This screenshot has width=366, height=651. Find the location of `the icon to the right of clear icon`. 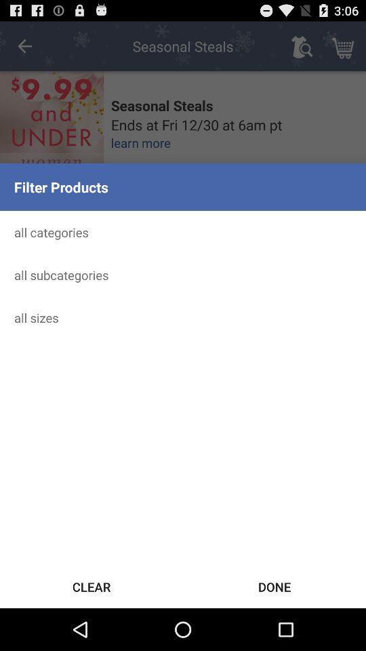

the icon to the right of clear icon is located at coordinates (274, 586).